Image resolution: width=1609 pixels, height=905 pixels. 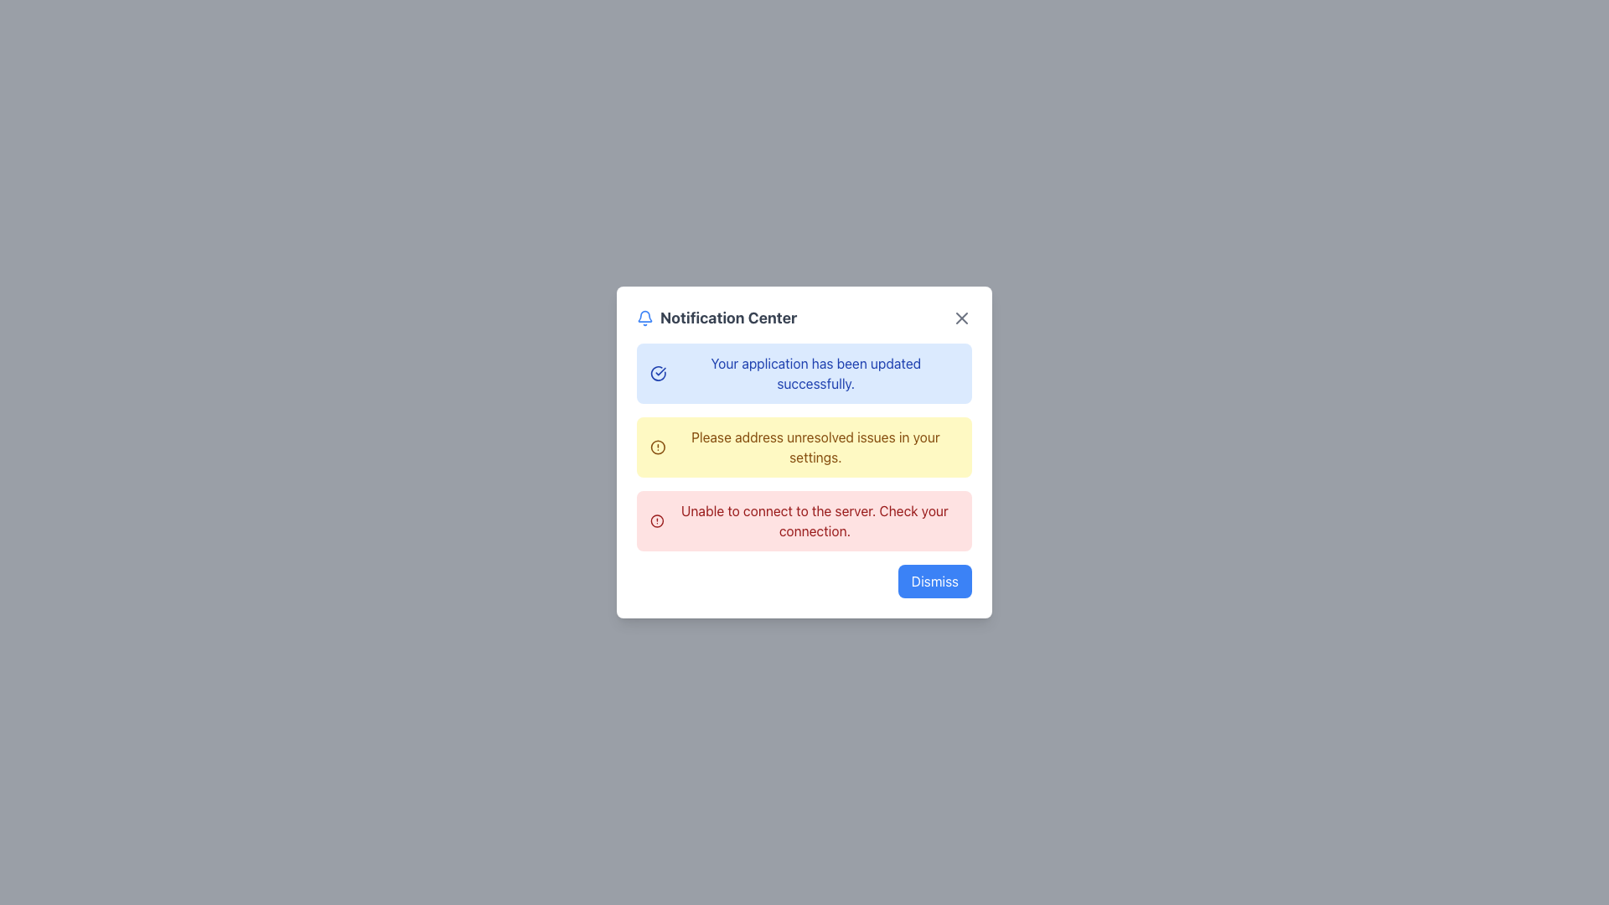 I want to click on the close button (X icon) in the top-right corner of the 'Notification Center' dialog, so click(x=961, y=318).